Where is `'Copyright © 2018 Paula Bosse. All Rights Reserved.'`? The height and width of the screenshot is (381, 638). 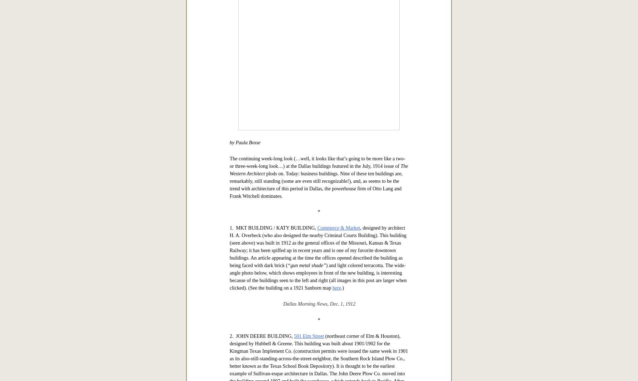
'Copyright © 2018 Paula Bosse. All Rights Reserved.' is located at coordinates (266, 50).